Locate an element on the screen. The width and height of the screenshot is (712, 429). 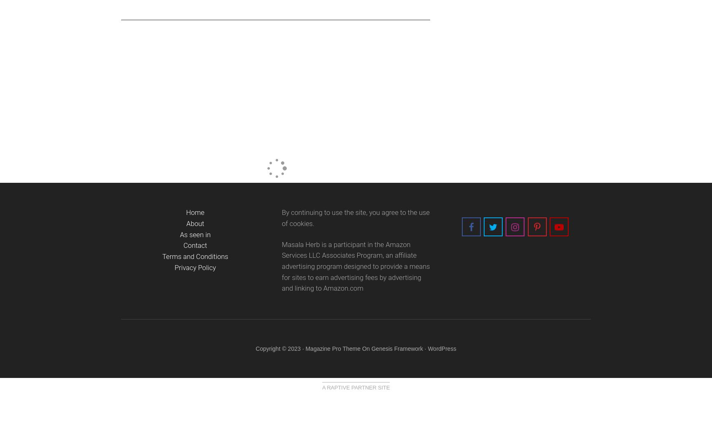
'As seen in' is located at coordinates (195, 234).